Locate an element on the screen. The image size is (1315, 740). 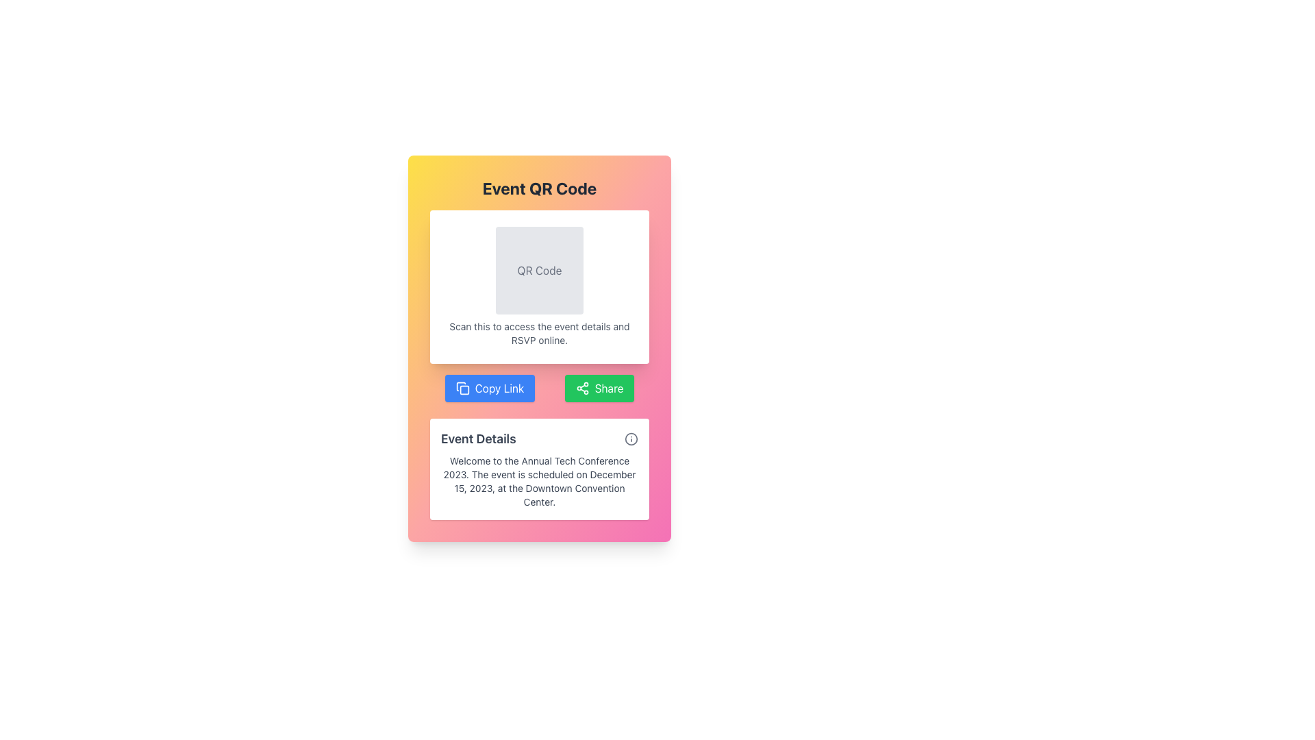
the small circular icon with a gray border located to the right of the 'Event Details' header is located at coordinates (630, 439).